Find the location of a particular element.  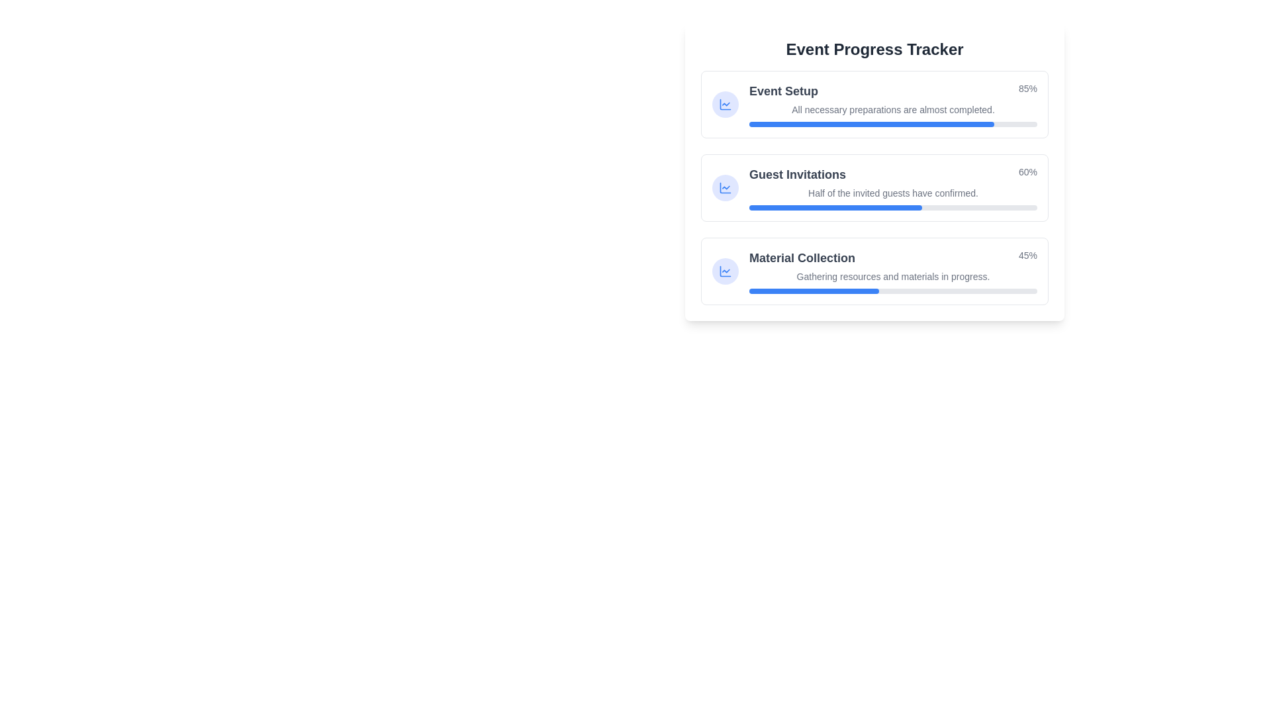

contents of the Header text that indicates the progress tracking of an event, positioned at the top of the section is located at coordinates (874, 48).